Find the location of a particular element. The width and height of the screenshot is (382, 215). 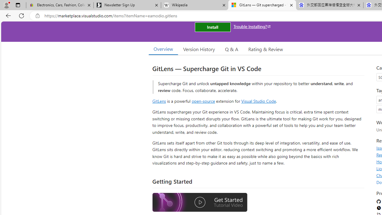

'Wikipedia' is located at coordinates (195, 5).